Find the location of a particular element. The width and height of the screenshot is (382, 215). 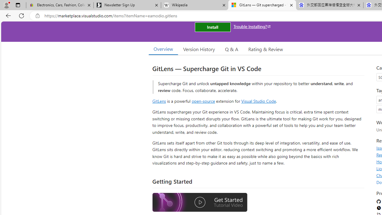

'Wikipedia' is located at coordinates (195, 5).